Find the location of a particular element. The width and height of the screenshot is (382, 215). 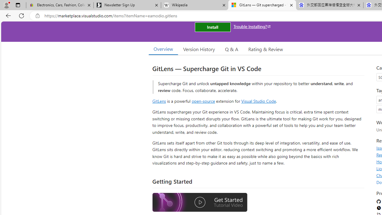

'Wikipedia' is located at coordinates (195, 5).